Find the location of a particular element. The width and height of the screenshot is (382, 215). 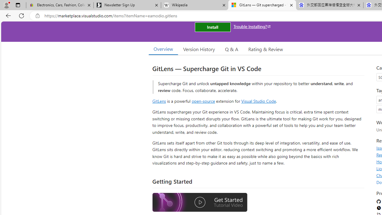

'Wikipedia' is located at coordinates (195, 5).